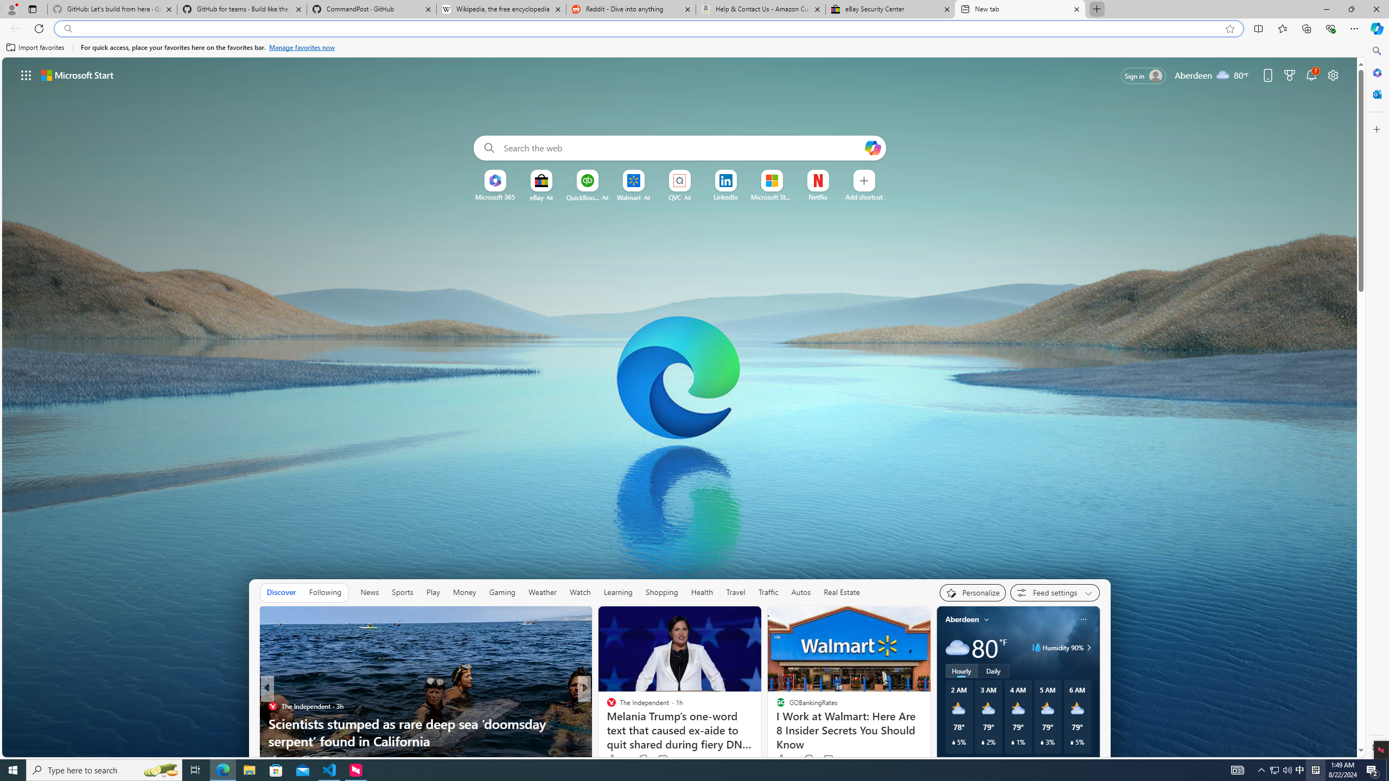 The height and width of the screenshot is (781, 1389). Describe the element at coordinates (606, 706) in the screenshot. I see `'CBS News'` at that location.